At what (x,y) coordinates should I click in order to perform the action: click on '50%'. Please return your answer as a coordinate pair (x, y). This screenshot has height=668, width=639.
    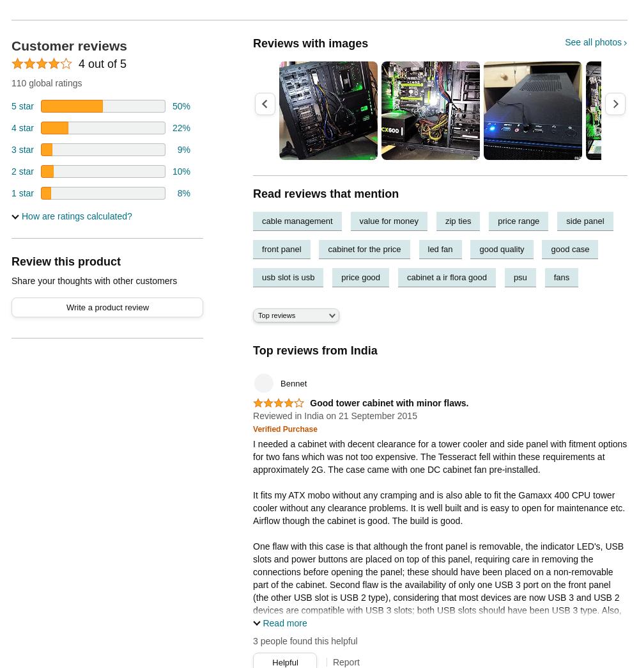
    Looking at the image, I should click on (181, 105).